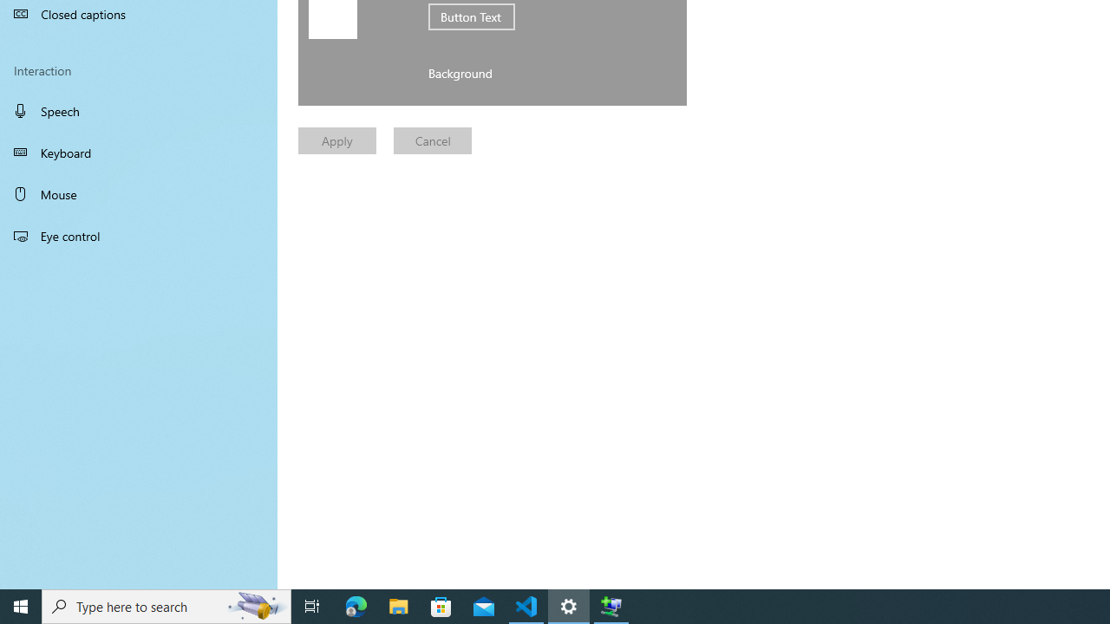 The image size is (1110, 624). I want to click on 'Task View', so click(311, 605).